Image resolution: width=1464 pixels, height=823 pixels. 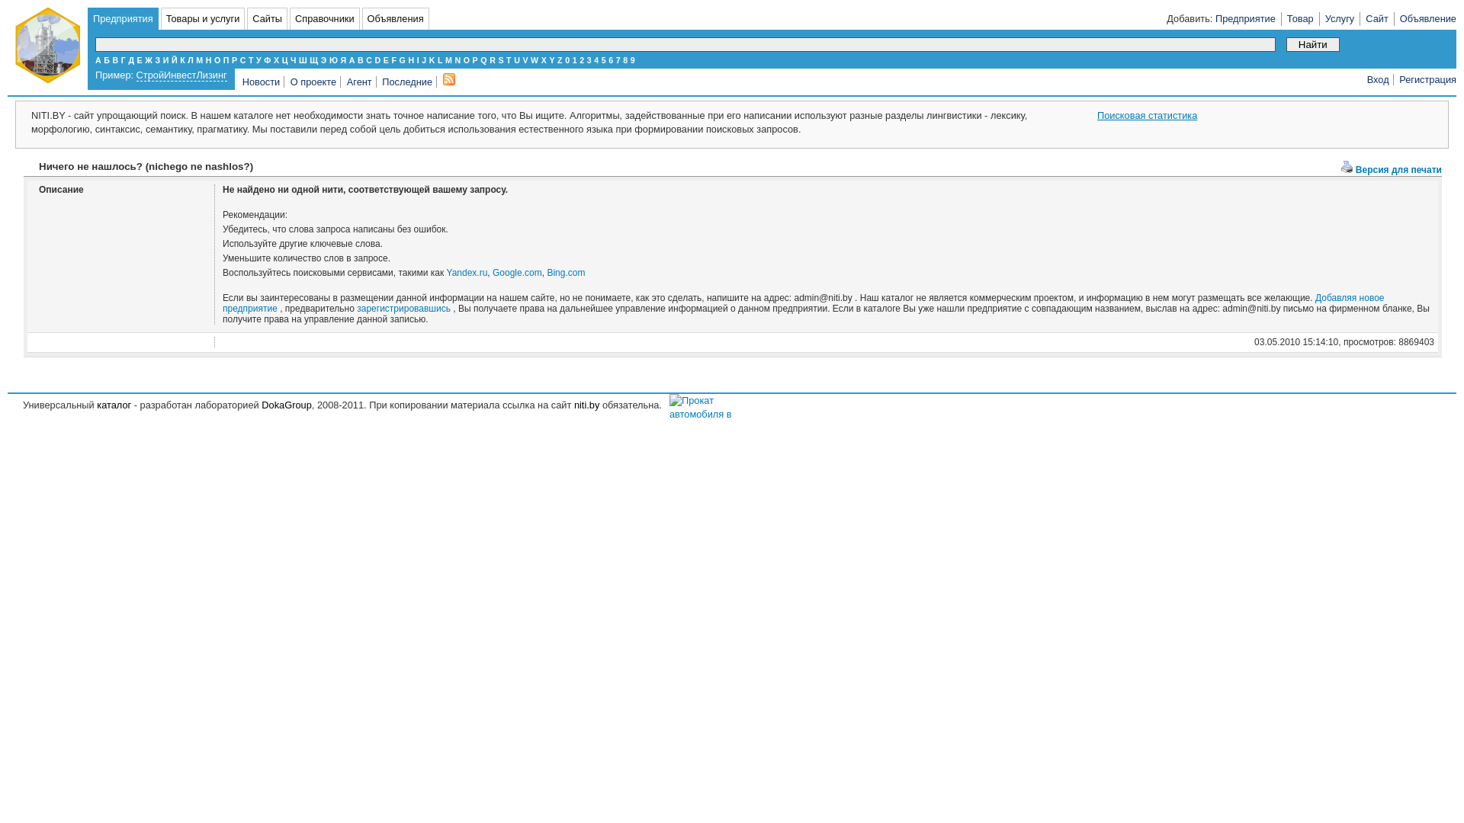 I want to click on 'Google.com', so click(x=493, y=272).